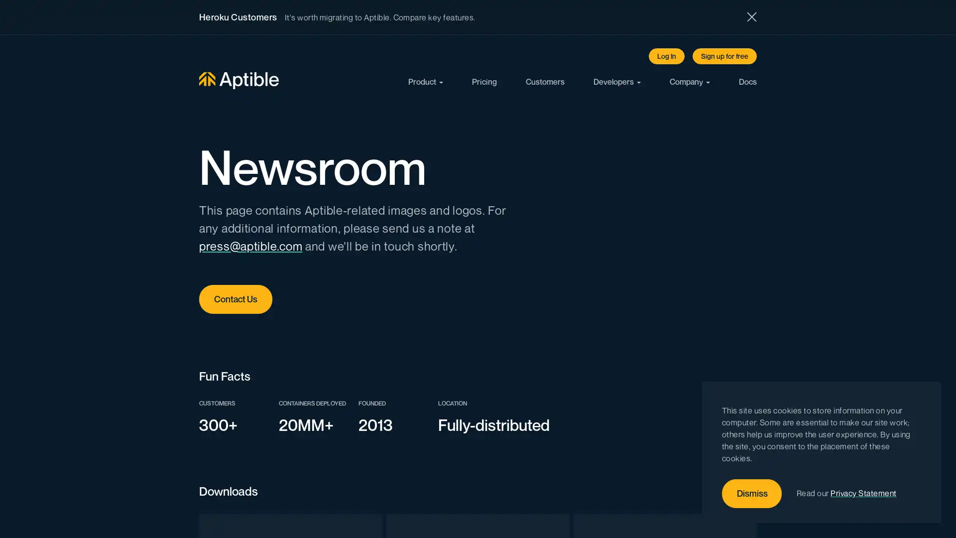  Describe the element at coordinates (724, 56) in the screenshot. I see `Sign up for free` at that location.